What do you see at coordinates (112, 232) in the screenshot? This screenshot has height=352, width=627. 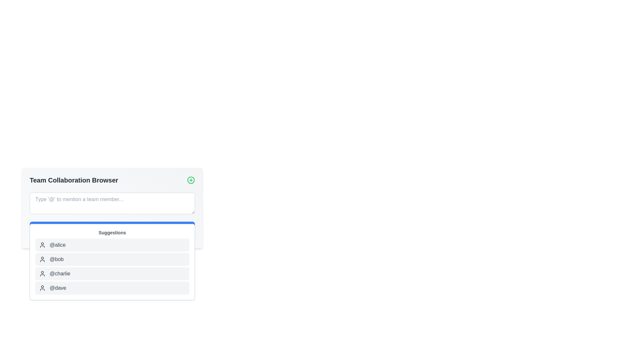 I see `the static text label that serves as the title for the dropdown box containing suggestions, positioned at the top of the box` at bounding box center [112, 232].